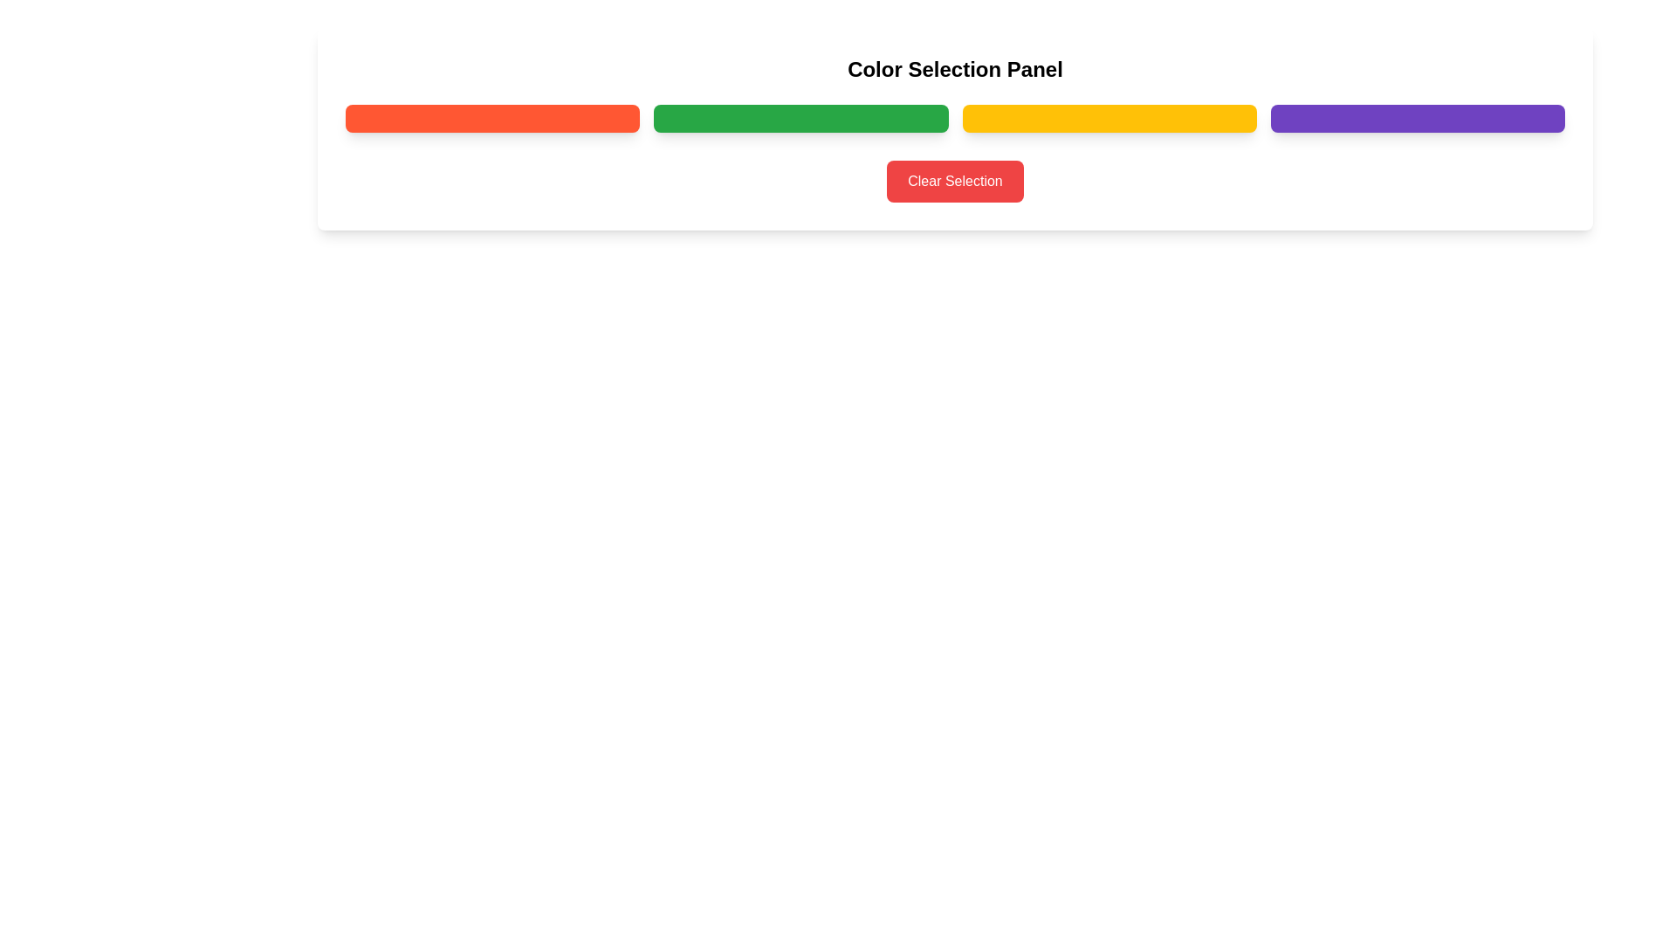 The image size is (1676, 943). What do you see at coordinates (491, 118) in the screenshot?
I see `the vibrant orange rectangular button with rounded corners located in the top-left portion of the interface` at bounding box center [491, 118].